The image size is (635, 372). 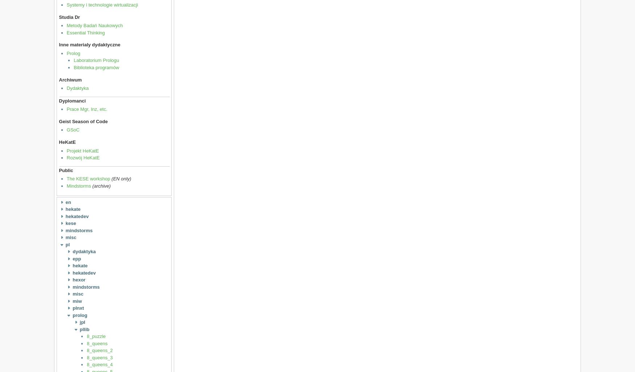 What do you see at coordinates (88, 179) in the screenshot?
I see `'The KESE workshop'` at bounding box center [88, 179].